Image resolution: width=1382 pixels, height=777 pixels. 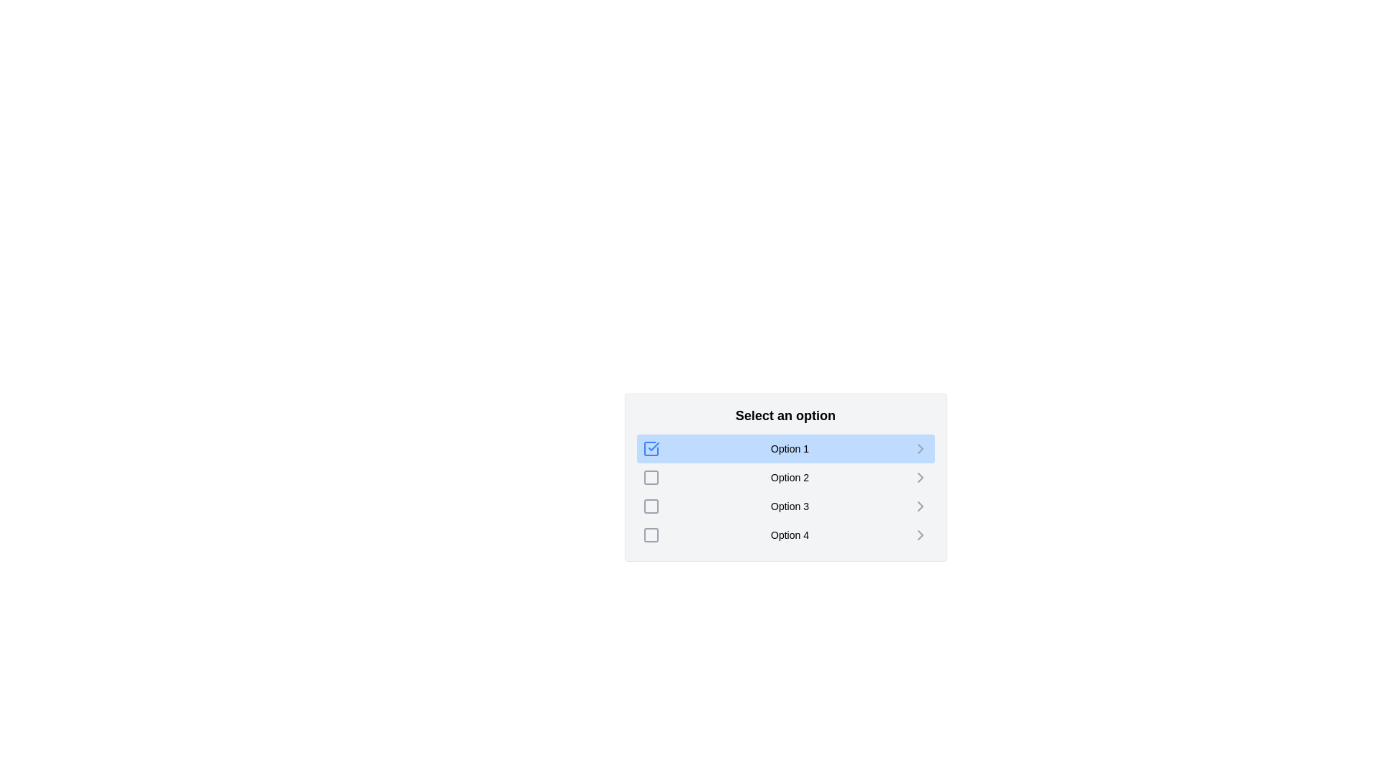 I want to click on the Checkbox icon indicating the selection status of 'Option 1', so click(x=650, y=448).